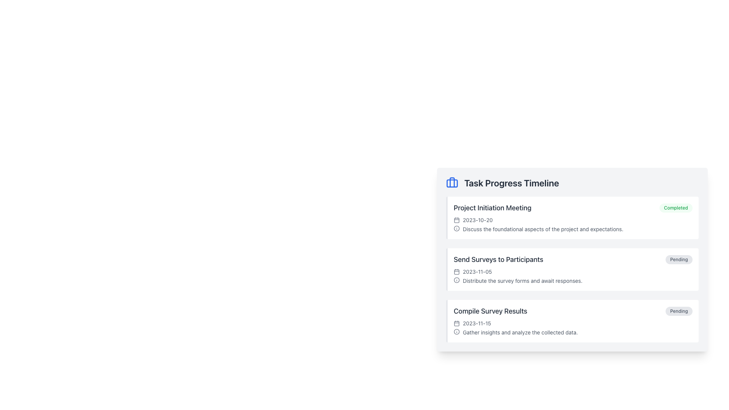 The height and width of the screenshot is (410, 729). Describe the element at coordinates (456, 331) in the screenshot. I see `the informational icon located at the beginning of the text block for the task 'Compile Survey Results' in the task timeline interface` at that location.